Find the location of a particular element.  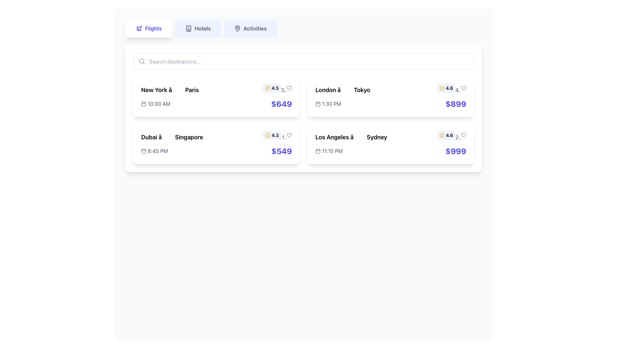

the text label displaying the rating '4.3' in bold font within a light indigo rounded badge, located in the lower-left card under the 'Dubai to Singapore' trip option is located at coordinates (275, 135).